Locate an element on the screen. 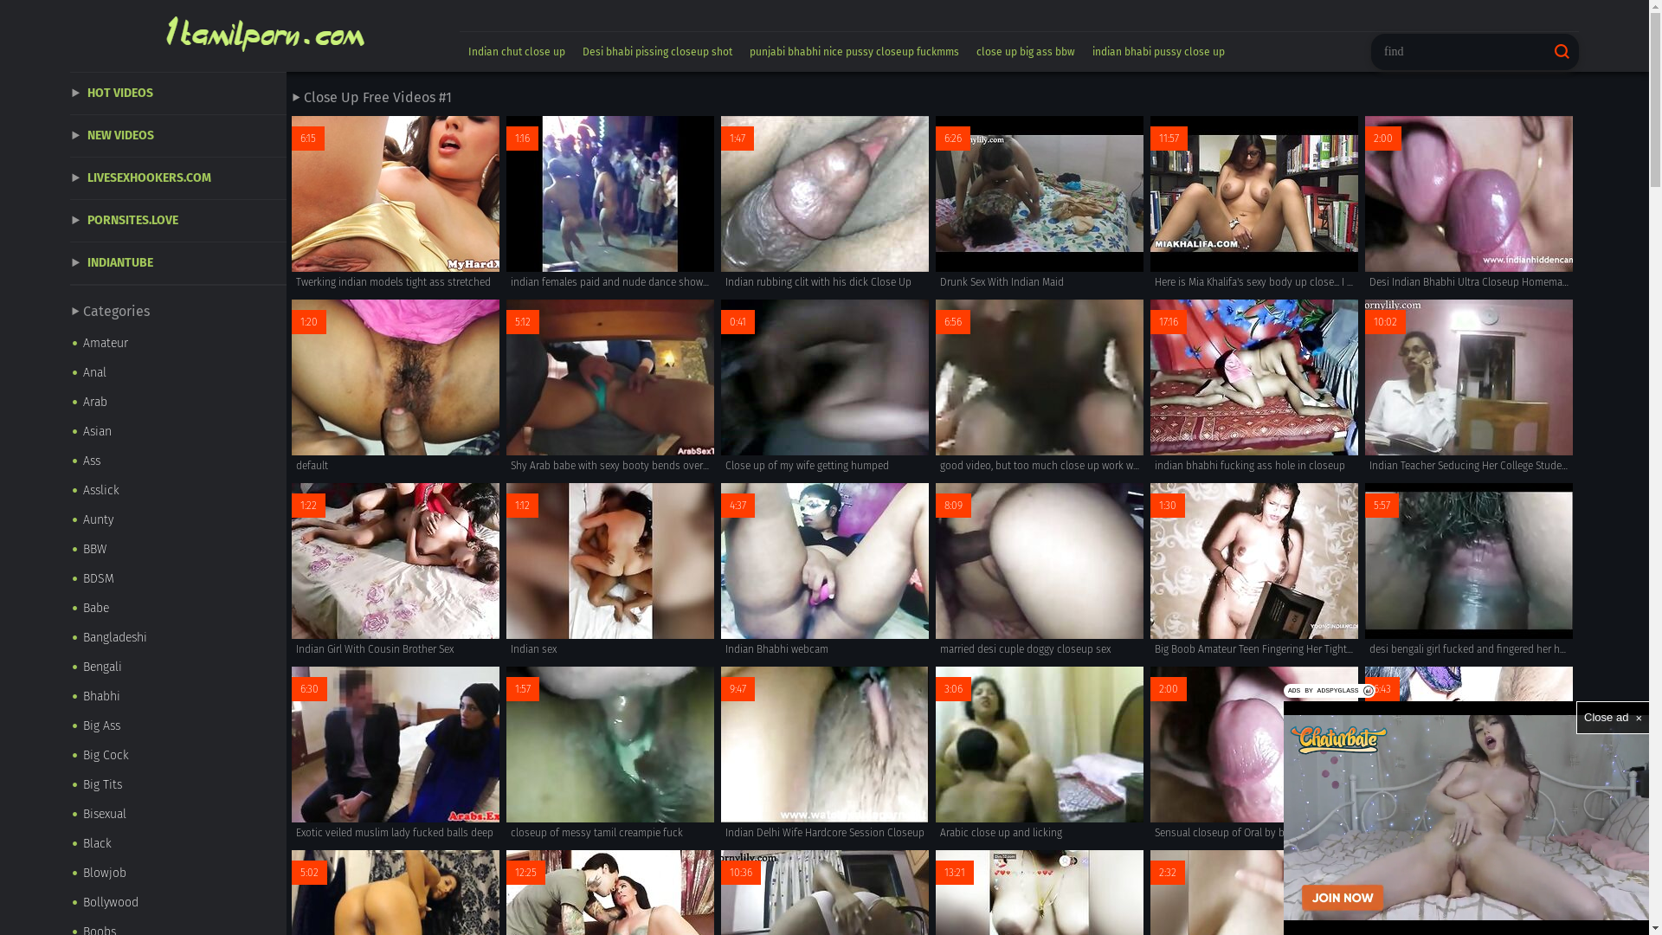 The height and width of the screenshot is (935, 1662). 'Anal' is located at coordinates (178, 372).